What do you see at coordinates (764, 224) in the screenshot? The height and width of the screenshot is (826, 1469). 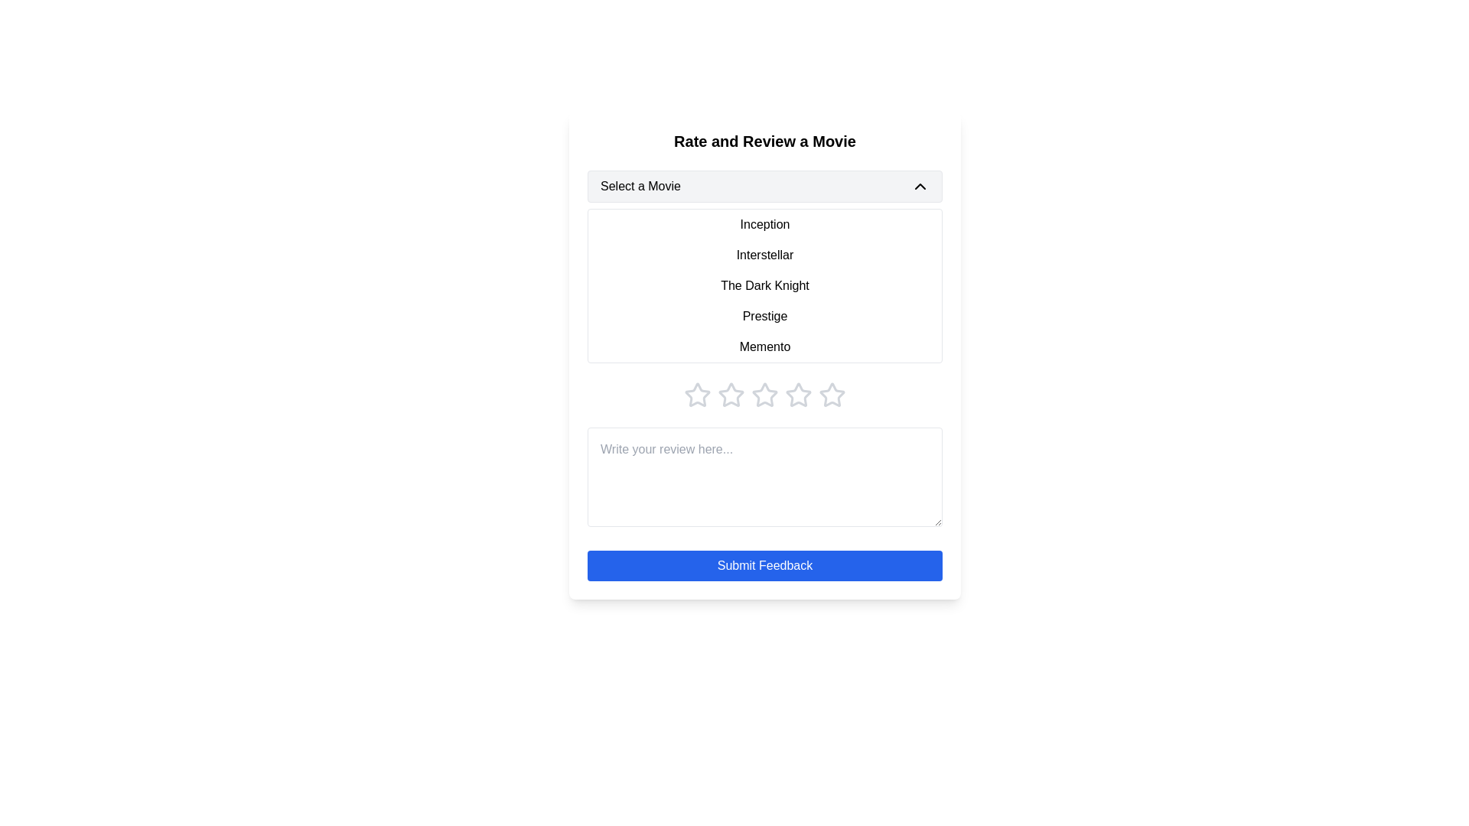 I see `the first option in the movie selection dropdown list labeled 'Select a Movie'` at bounding box center [764, 224].